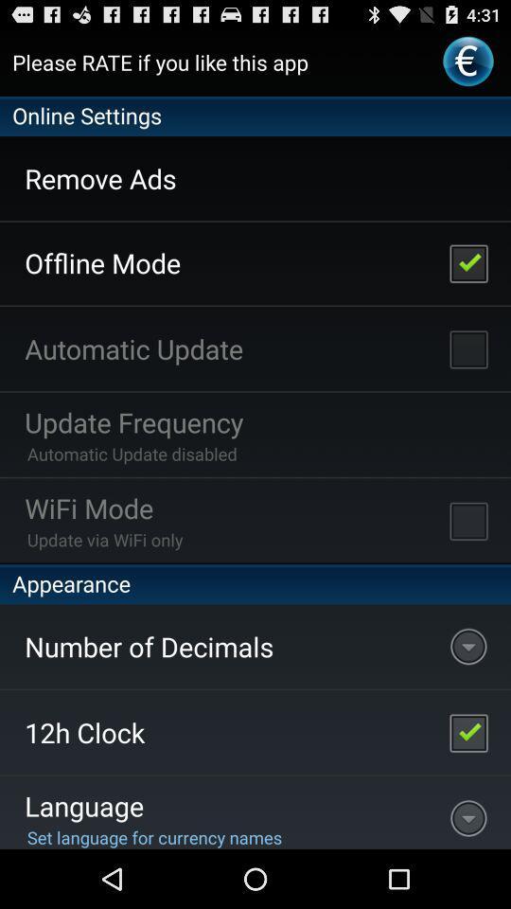 The image size is (511, 909). Describe the element at coordinates (467, 811) in the screenshot. I see `last drop down` at that location.